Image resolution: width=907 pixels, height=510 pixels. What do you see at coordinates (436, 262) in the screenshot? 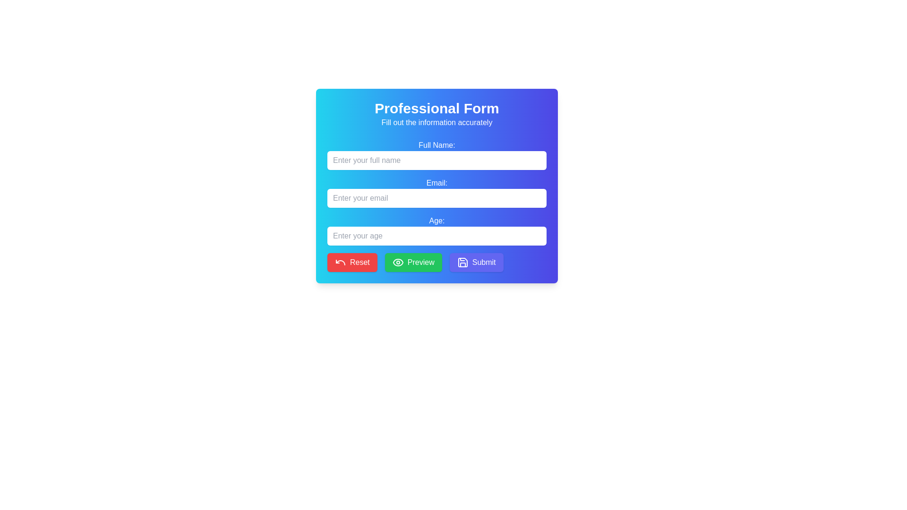
I see `the green 'Preview' button with an eye icon` at bounding box center [436, 262].